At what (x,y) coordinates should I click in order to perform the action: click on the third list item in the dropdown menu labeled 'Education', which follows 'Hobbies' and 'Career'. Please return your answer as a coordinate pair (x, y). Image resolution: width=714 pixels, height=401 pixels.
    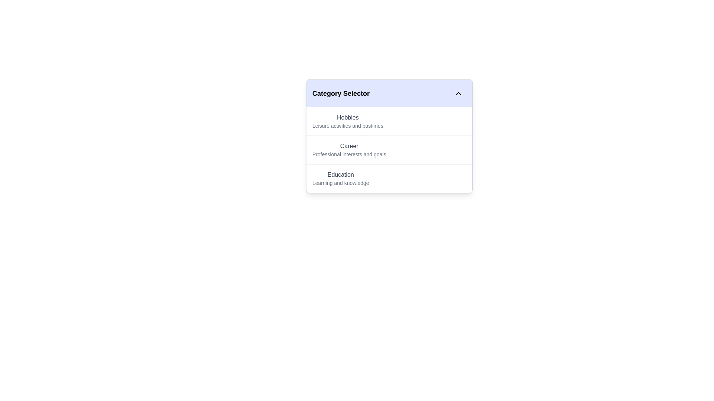
    Looking at the image, I should click on (340, 179).